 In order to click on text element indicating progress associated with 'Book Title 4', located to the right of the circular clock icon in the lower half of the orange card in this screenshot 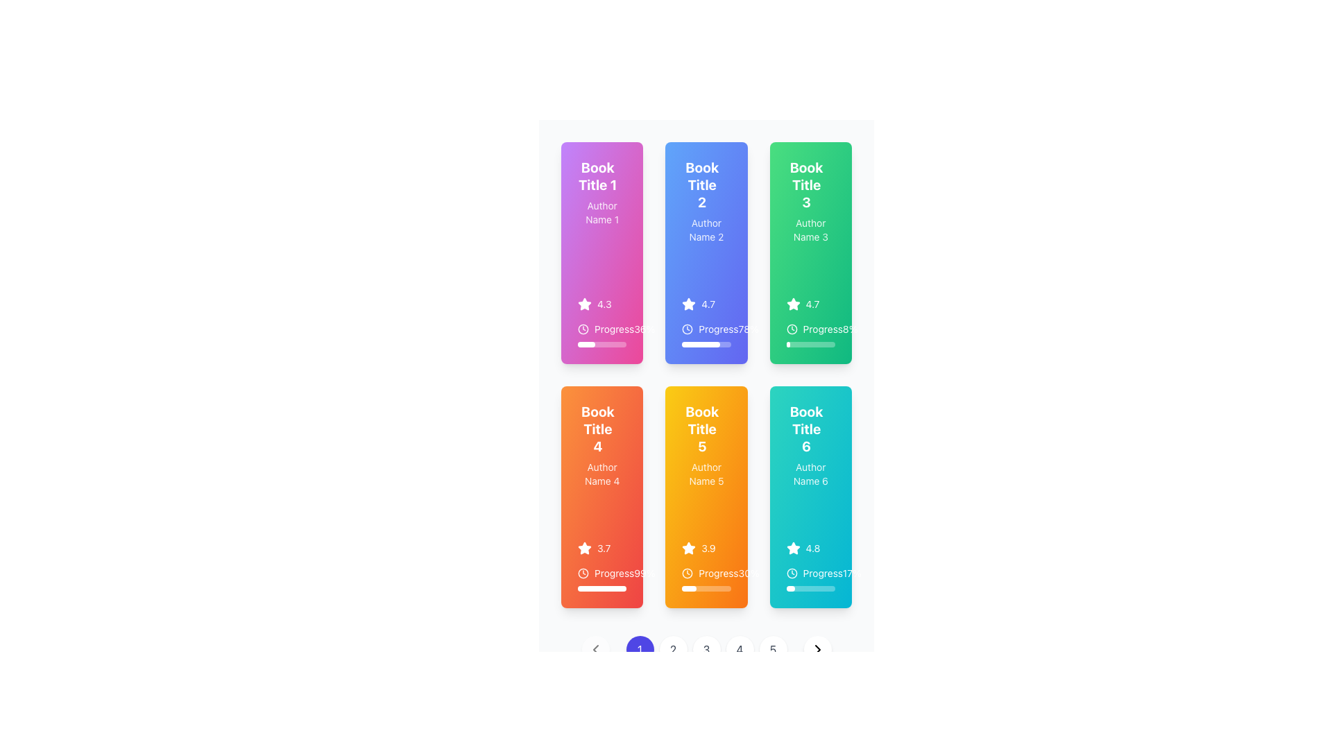, I will do `click(613, 573)`.